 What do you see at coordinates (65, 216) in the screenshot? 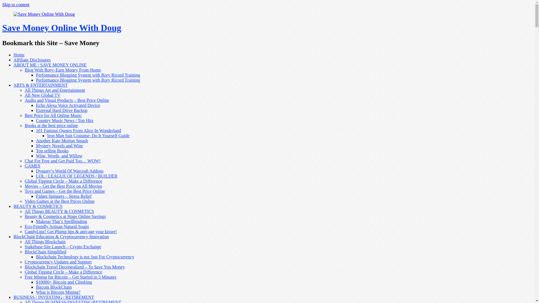
I see `'Beauty & Cosmetics at Huge Online Savings'` at bounding box center [65, 216].